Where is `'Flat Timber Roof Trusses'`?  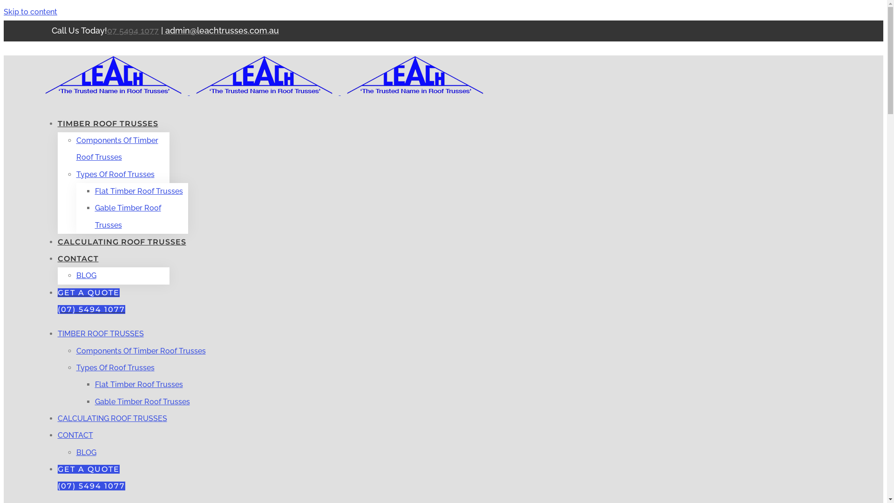
'Flat Timber Roof Trusses' is located at coordinates (95, 384).